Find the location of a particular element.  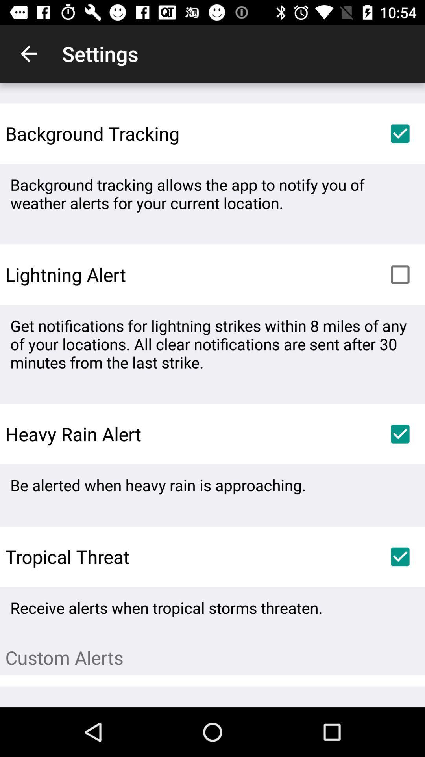

icon above custom alerts icon is located at coordinates (400, 556).